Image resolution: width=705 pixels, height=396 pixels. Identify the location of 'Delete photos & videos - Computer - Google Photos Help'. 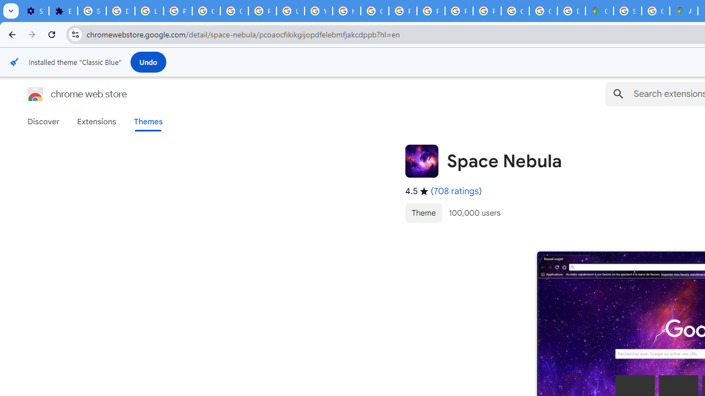
(120, 11).